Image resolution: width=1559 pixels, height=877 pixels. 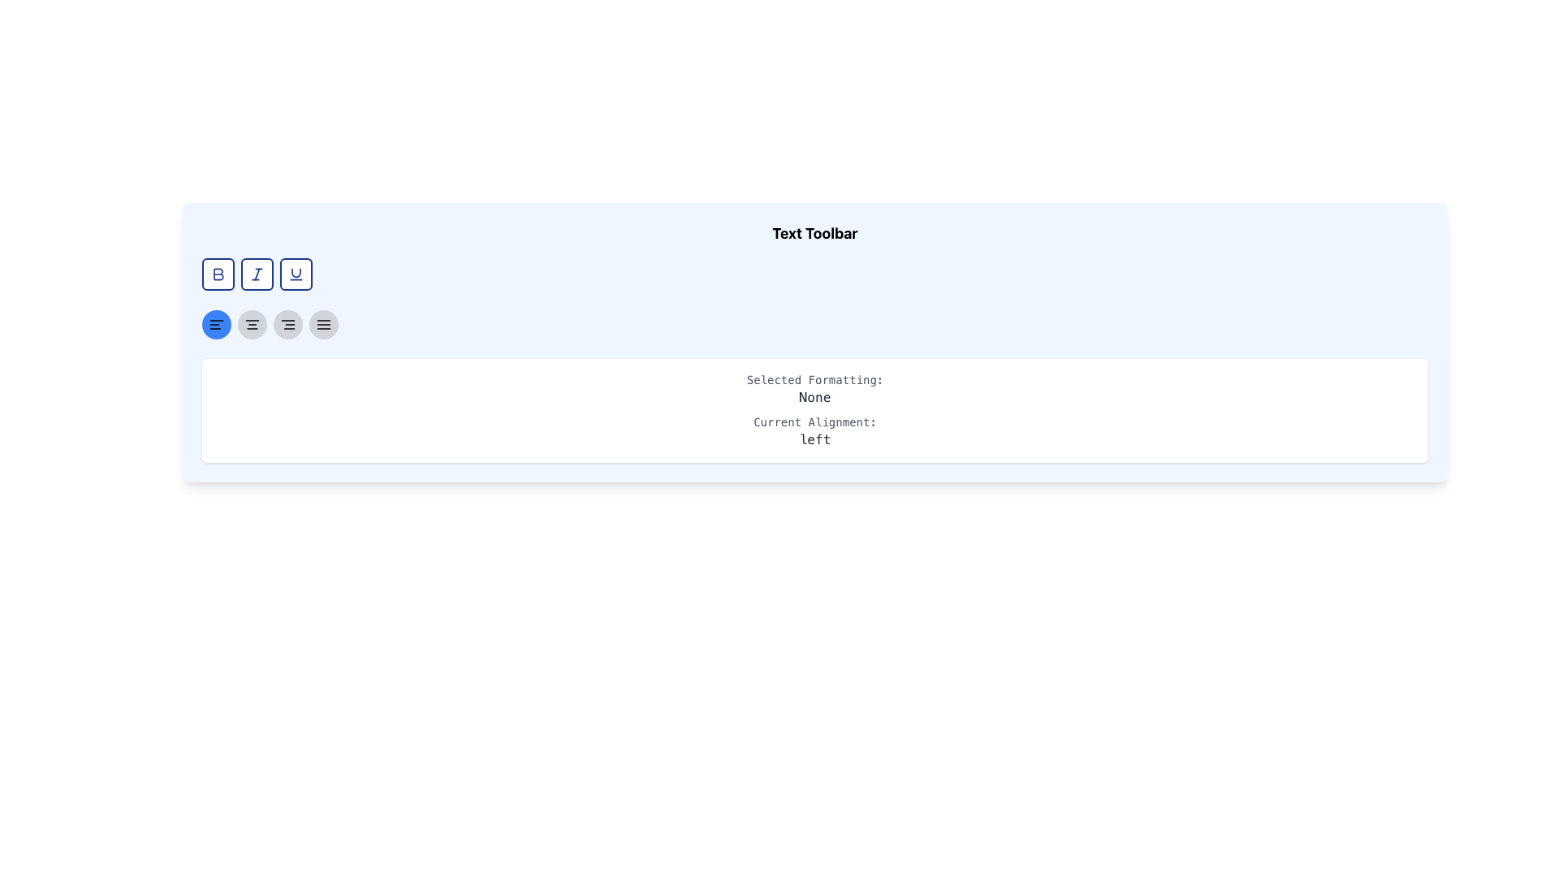 I want to click on the italic formatting button, which is a square button with a white background, blue borders, and an icon styled with thin strokes, located in the 'Text Toolbar' as the second button from the left, so click(x=256, y=274).